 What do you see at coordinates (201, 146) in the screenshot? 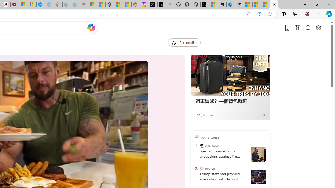
I see `'ABC News'` at bounding box center [201, 146].